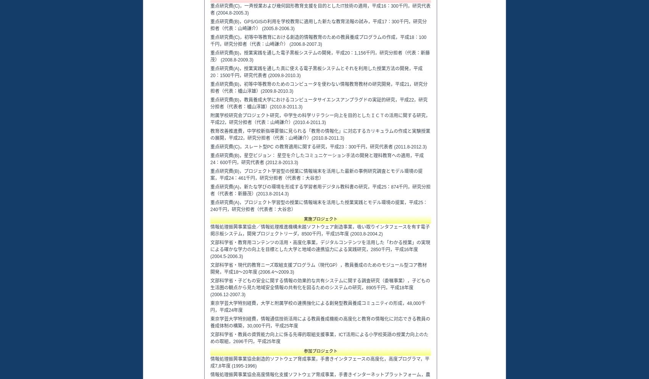 Image resolution: width=649 pixels, height=379 pixels. I want to click on '文部科学省・教員の資質能力向上に係る先導的取組支援事業，ICT活用による小学校英語の授業力向上のための取組，2696千円，平成25年度', so click(210, 338).